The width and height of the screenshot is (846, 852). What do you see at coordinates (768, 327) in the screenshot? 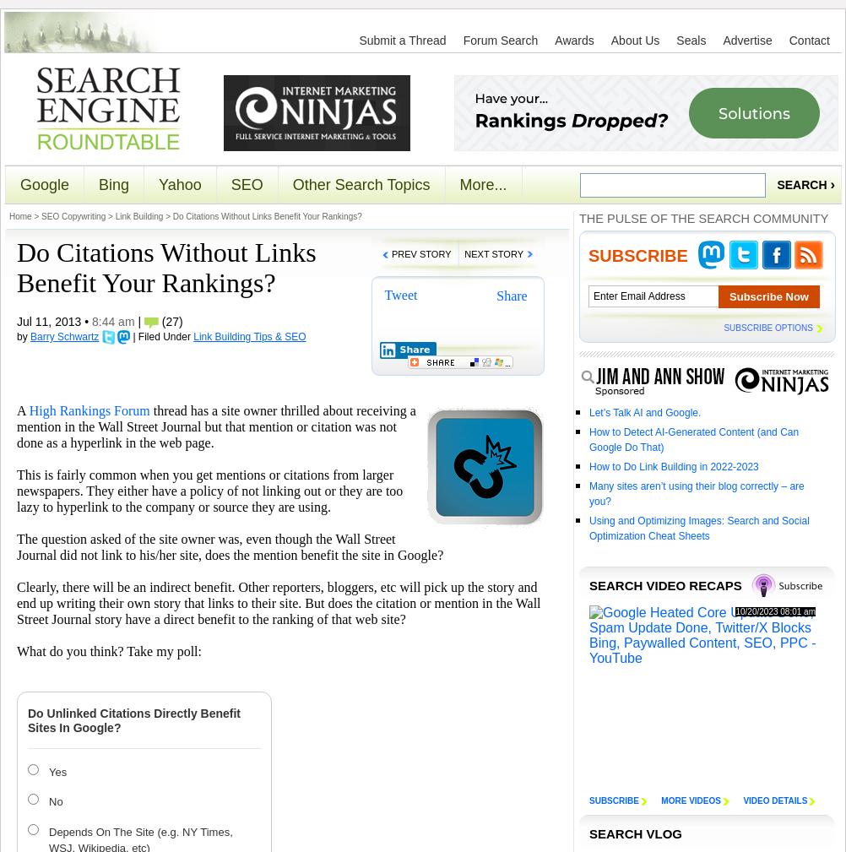
I see `'Subscribe options'` at bounding box center [768, 327].